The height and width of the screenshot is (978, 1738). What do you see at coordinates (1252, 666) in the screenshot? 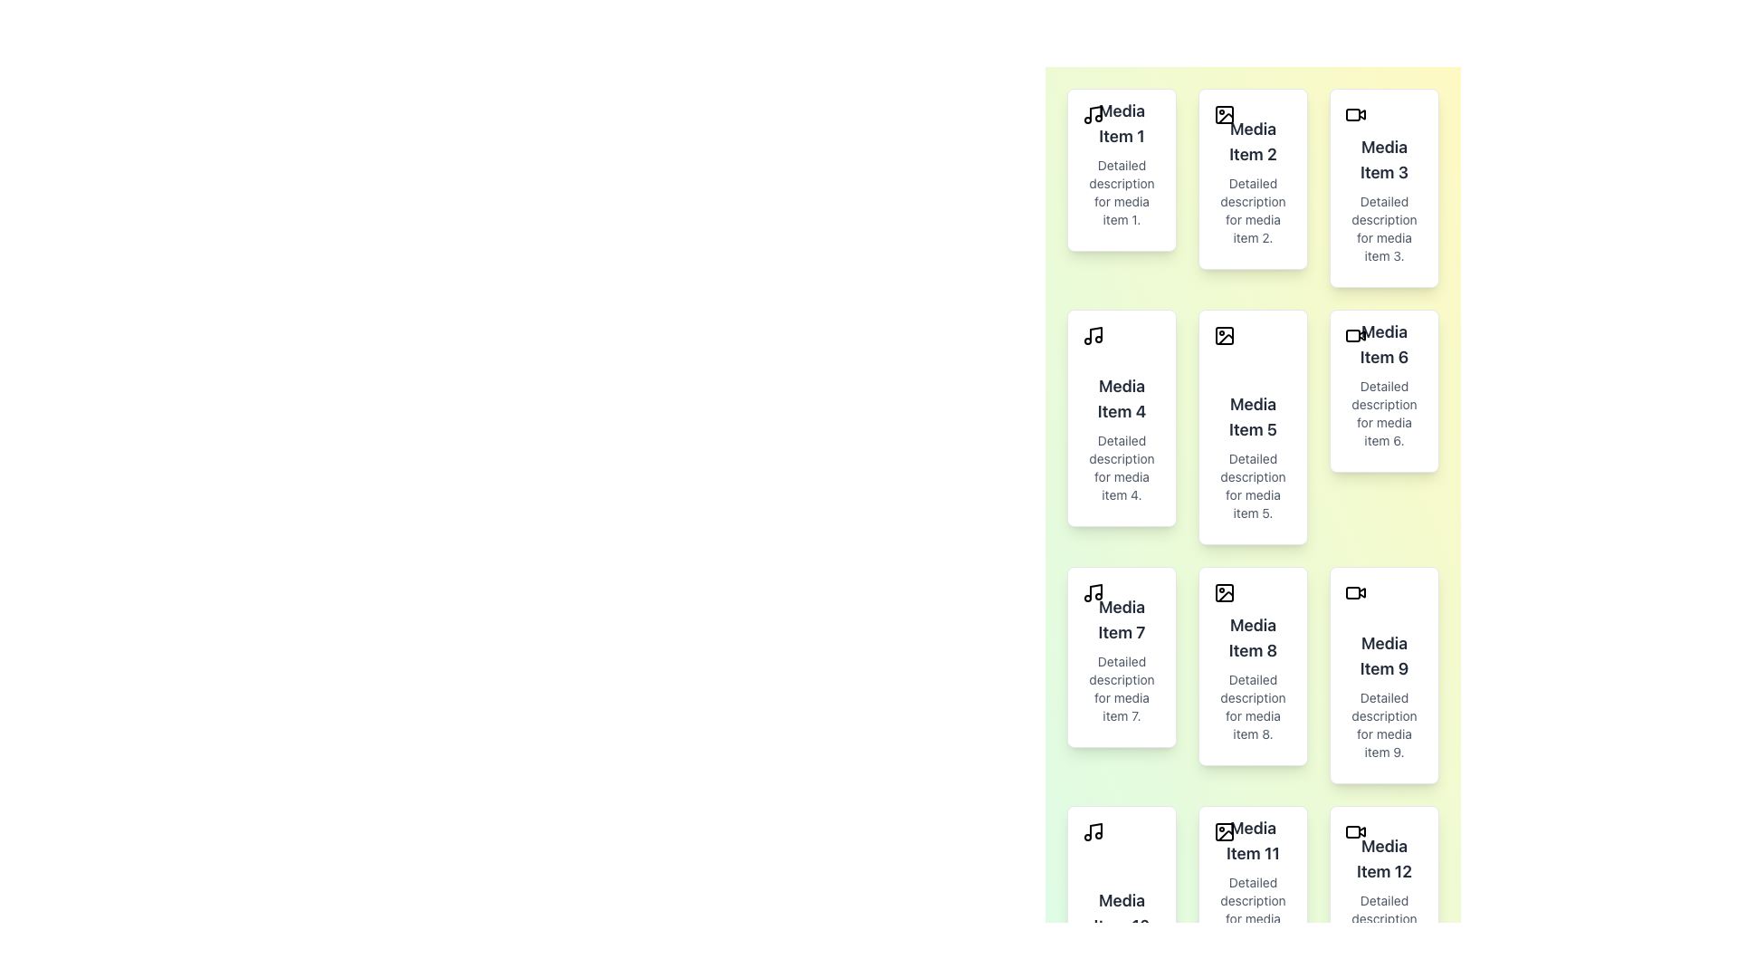
I see `the middle card in the third row of the grid representing 'Media Item 8'` at bounding box center [1252, 666].